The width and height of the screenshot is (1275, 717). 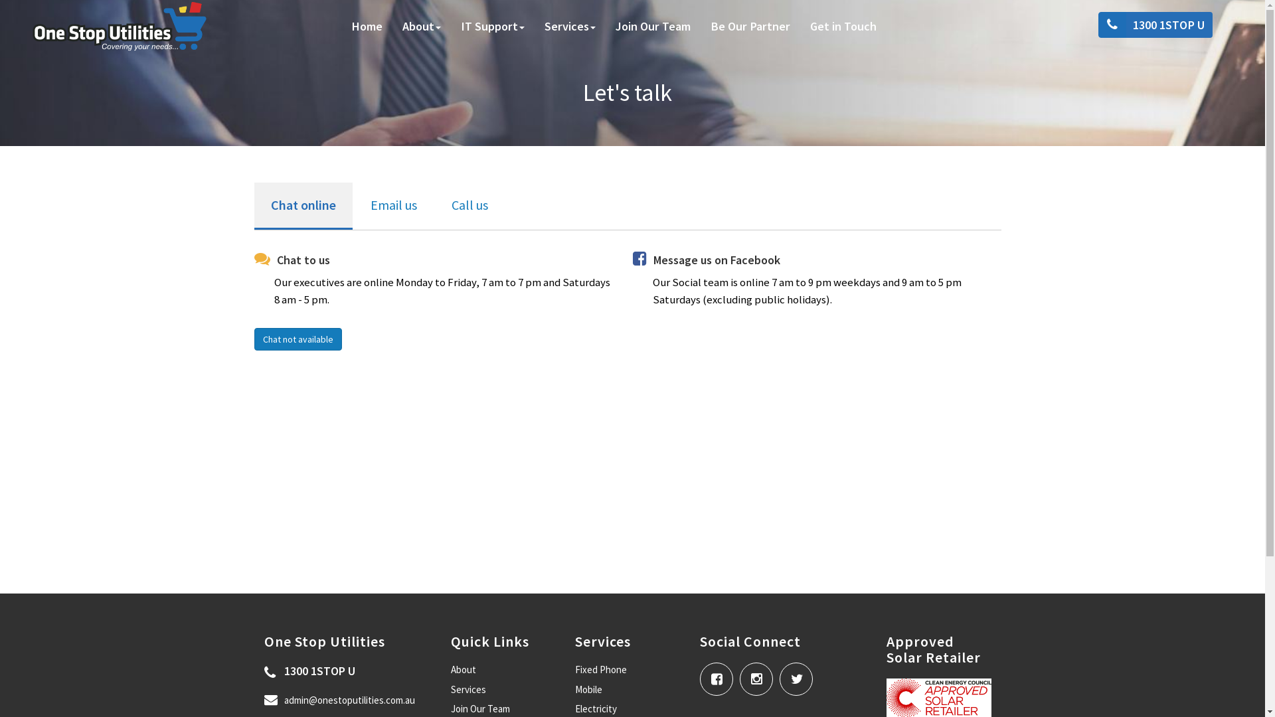 What do you see at coordinates (588, 688) in the screenshot?
I see `'Mobile'` at bounding box center [588, 688].